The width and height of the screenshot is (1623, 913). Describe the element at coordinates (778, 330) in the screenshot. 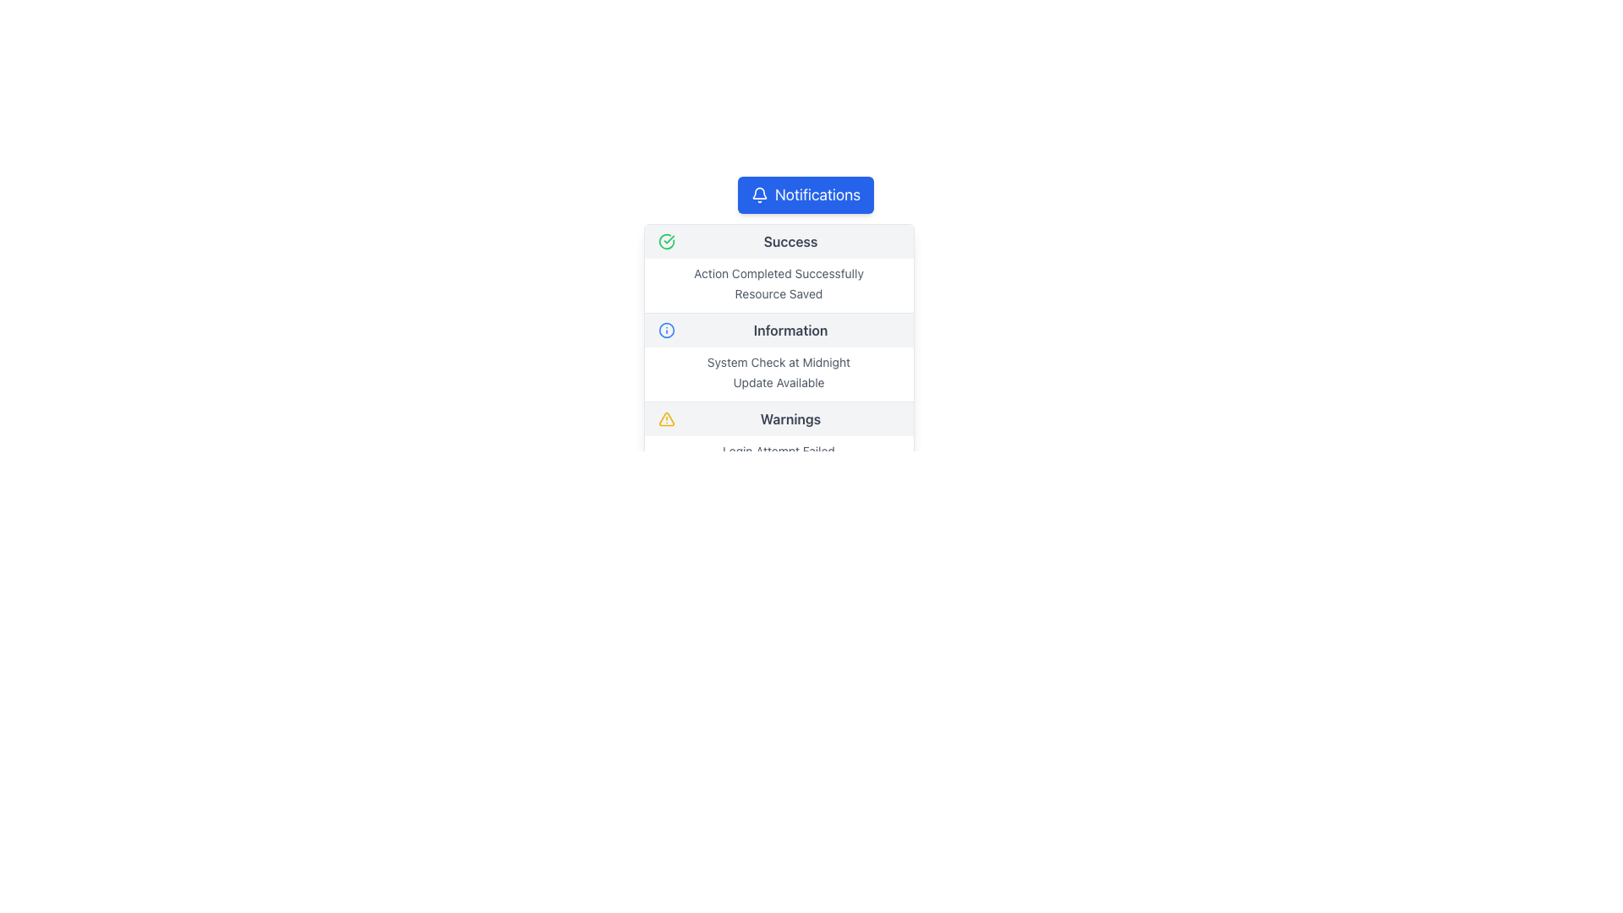

I see `the Informational Indicator, which is the second item under the notifications section, located directly below the 'Success' item and above the 'System Check at Midnight' item` at that location.